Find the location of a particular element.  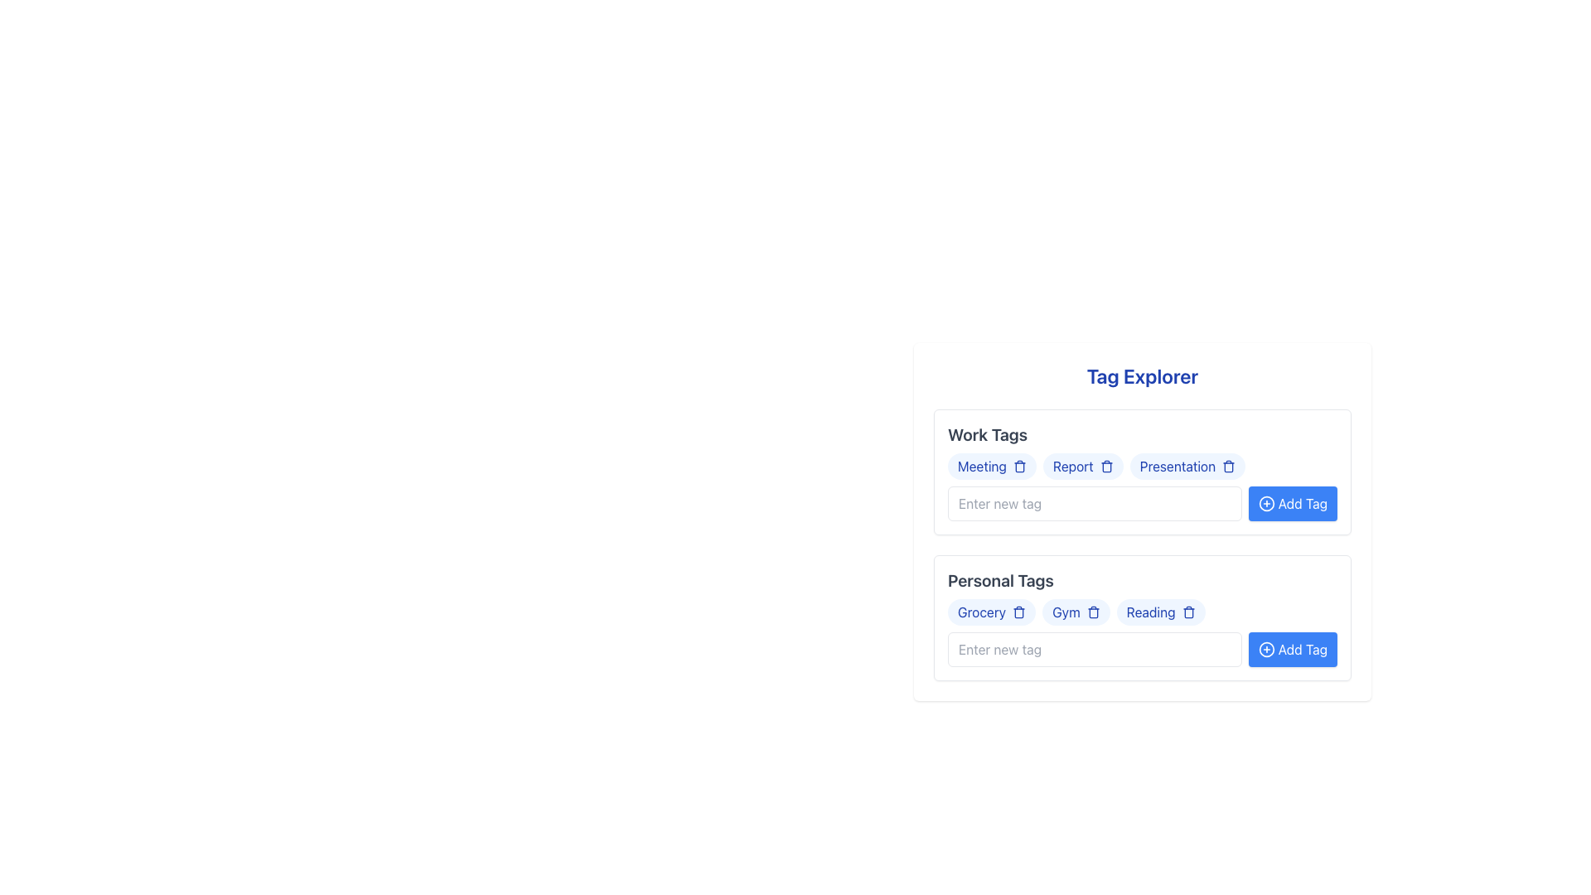

the trash icon next to the 'Presentation' tag in the Work Tags section is located at coordinates (1141, 467).